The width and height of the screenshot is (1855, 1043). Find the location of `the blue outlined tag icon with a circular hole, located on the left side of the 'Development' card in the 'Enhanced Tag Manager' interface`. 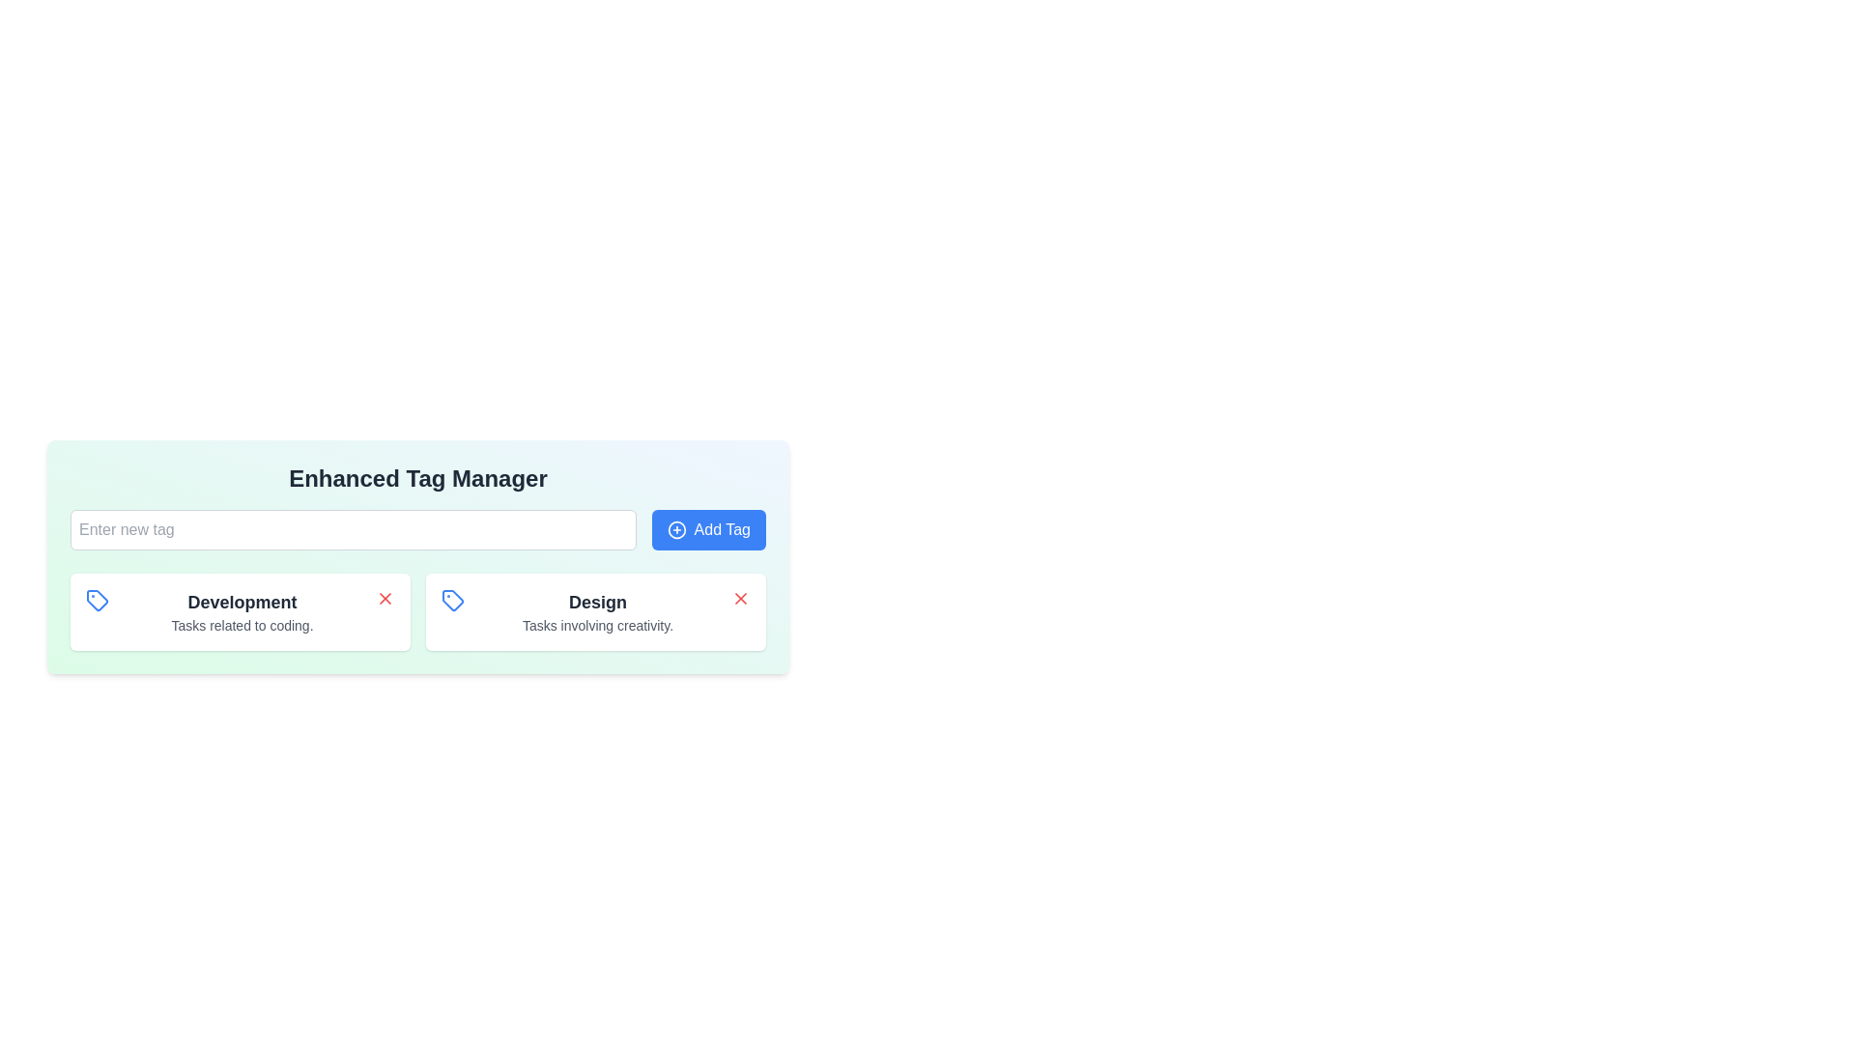

the blue outlined tag icon with a circular hole, located on the left side of the 'Development' card in the 'Enhanced Tag Manager' interface is located at coordinates (96, 599).